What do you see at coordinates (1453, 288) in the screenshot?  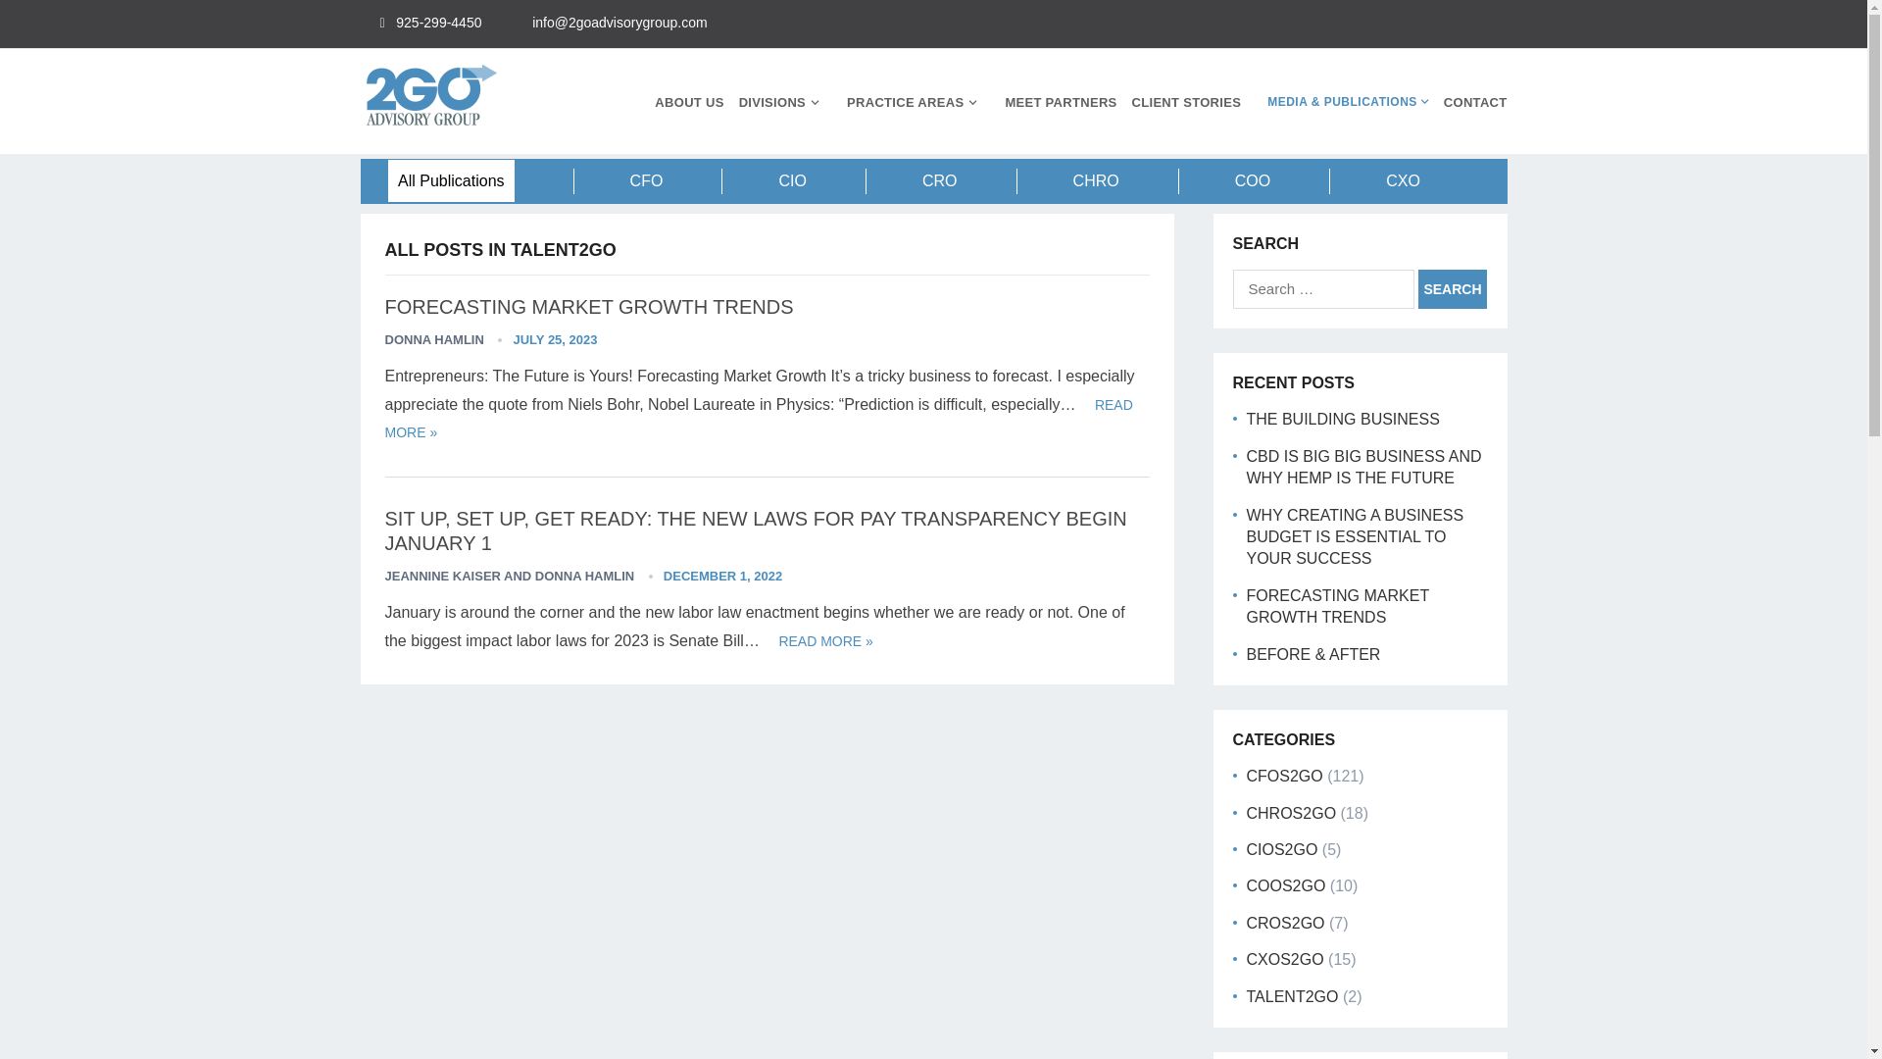 I see `'Search'` at bounding box center [1453, 288].